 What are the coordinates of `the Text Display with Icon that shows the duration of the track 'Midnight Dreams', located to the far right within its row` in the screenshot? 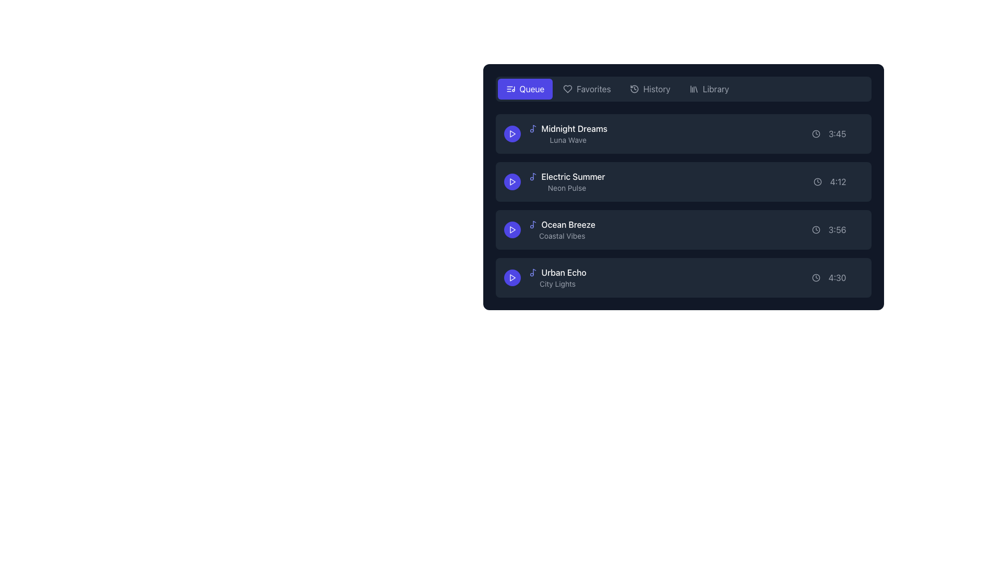 It's located at (837, 133).